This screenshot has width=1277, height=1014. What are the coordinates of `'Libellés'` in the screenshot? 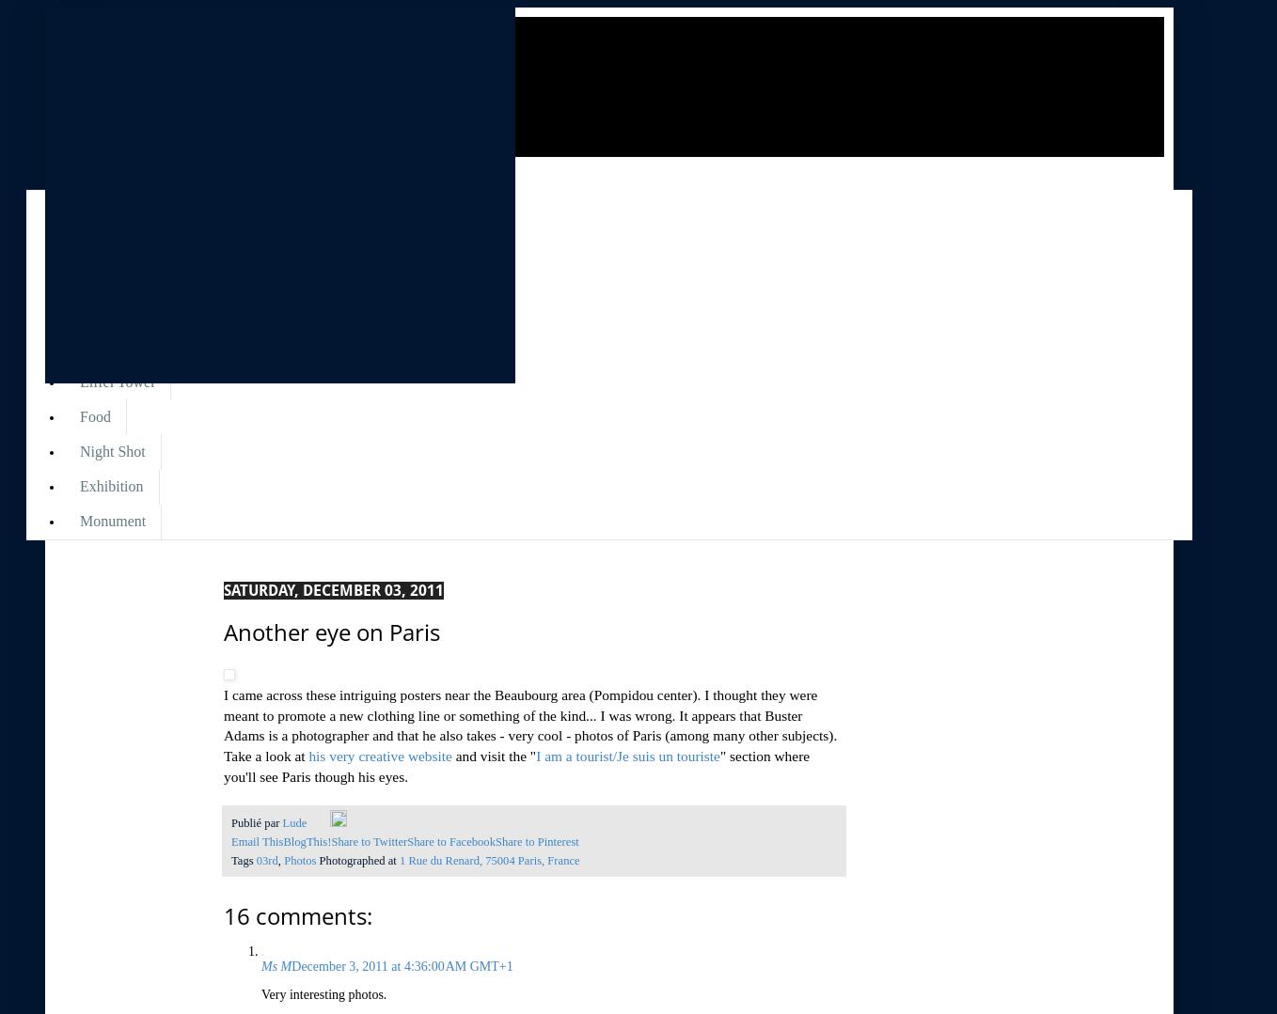 It's located at (87, 165).